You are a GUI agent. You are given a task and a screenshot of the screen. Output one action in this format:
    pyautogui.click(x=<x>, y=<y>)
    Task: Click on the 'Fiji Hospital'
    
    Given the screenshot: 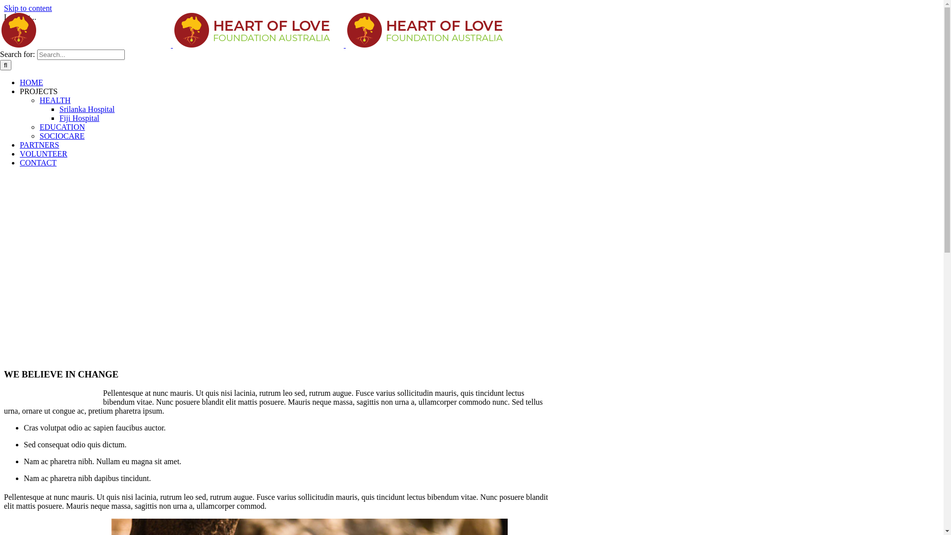 What is the action you would take?
    pyautogui.click(x=78, y=117)
    